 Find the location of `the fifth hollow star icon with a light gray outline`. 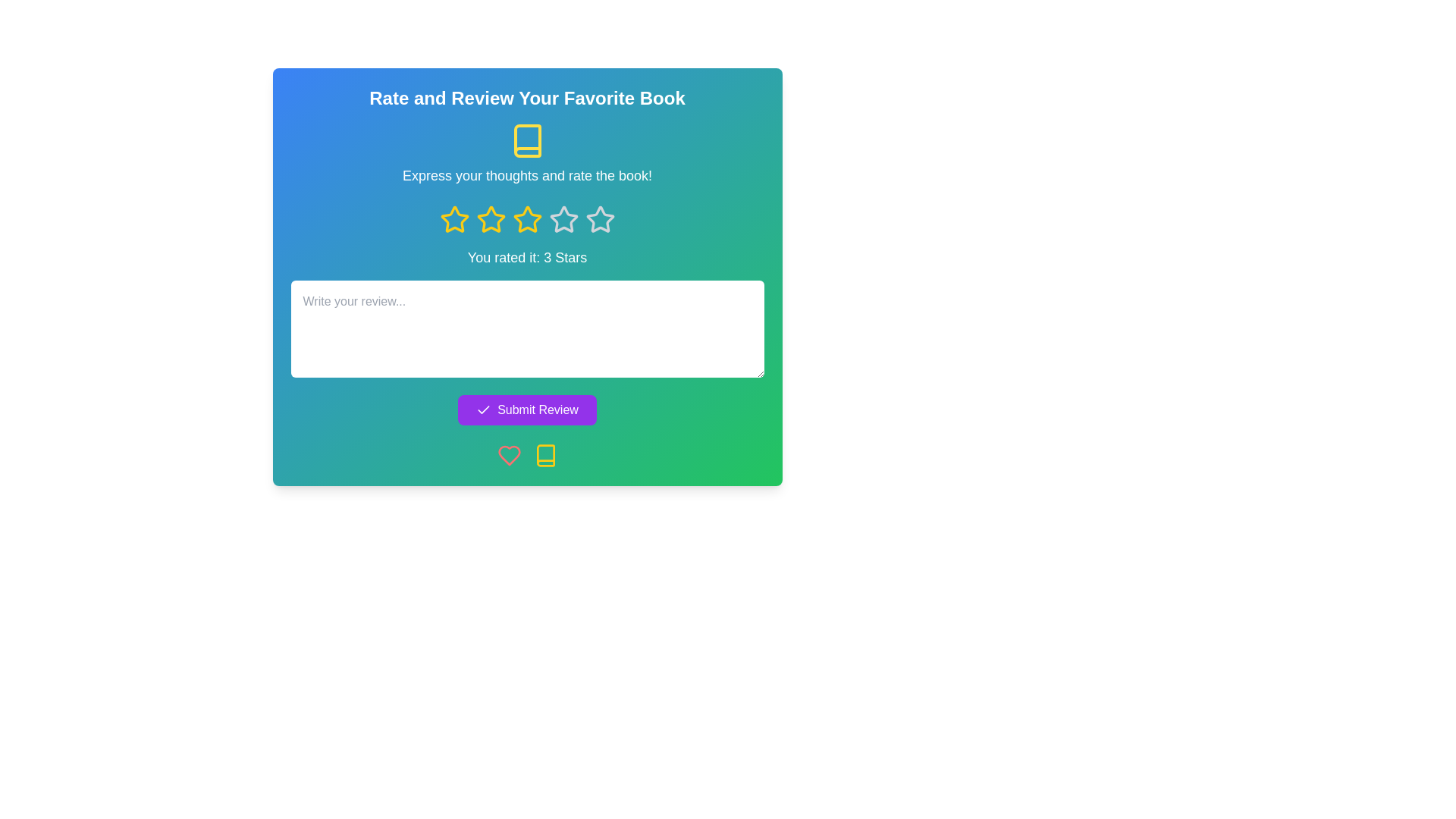

the fifth hollow star icon with a light gray outline is located at coordinates (599, 219).